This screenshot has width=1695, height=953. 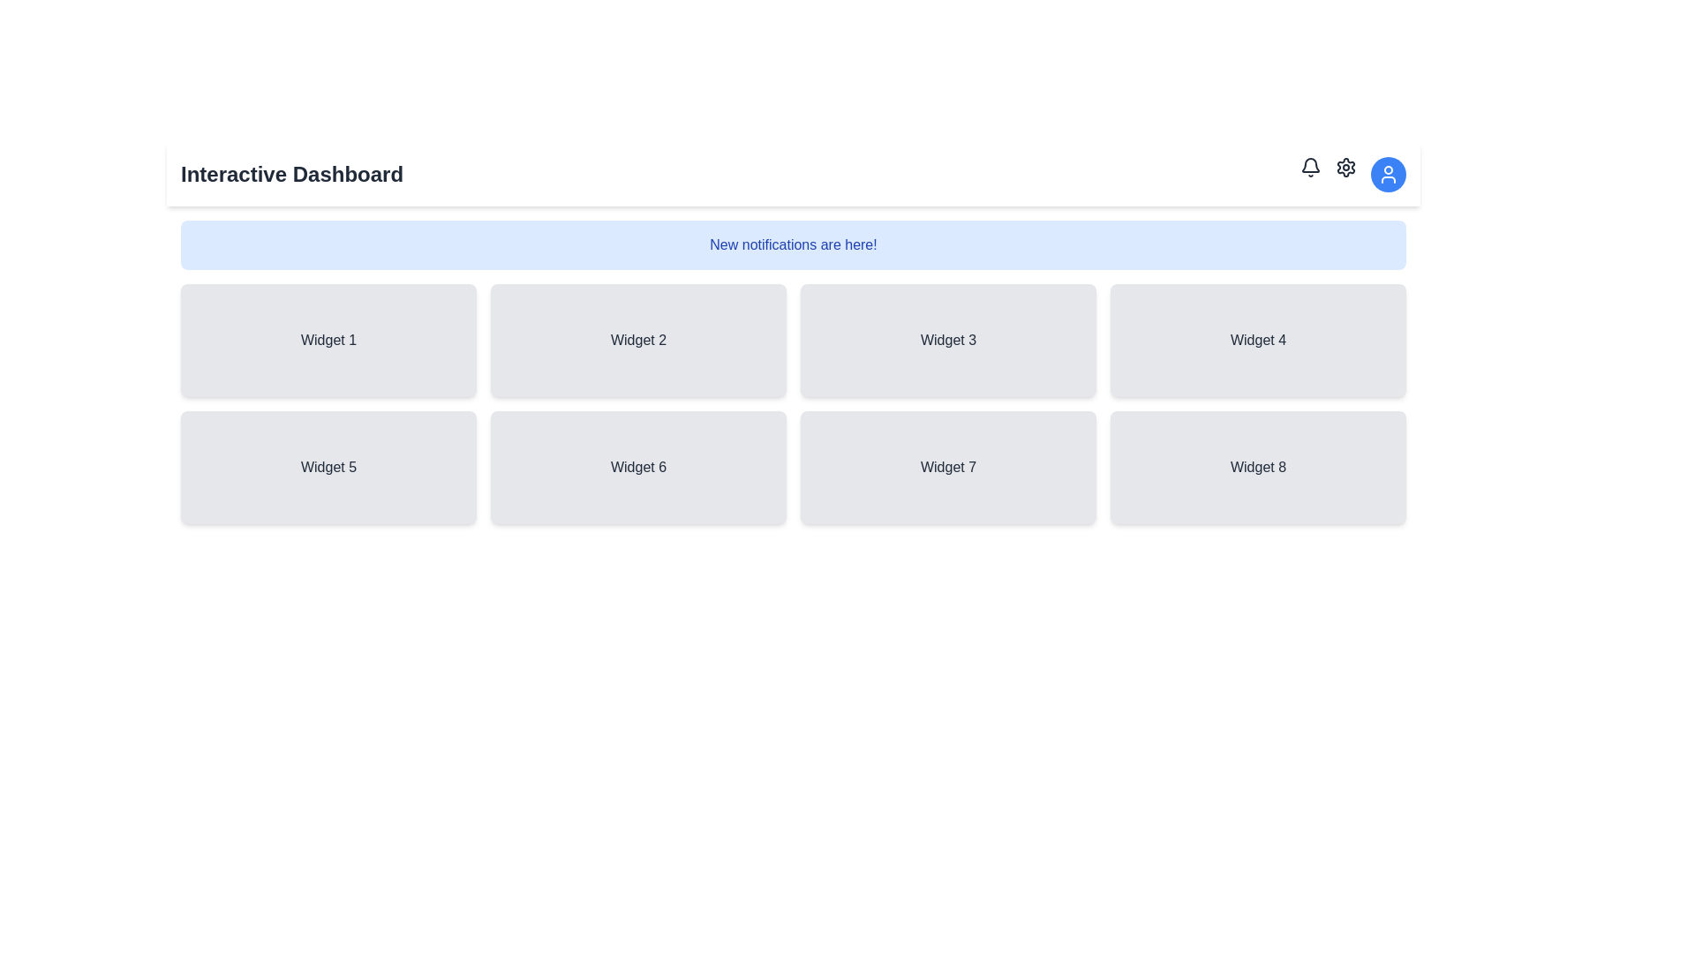 I want to click on the settings icon located in the navigation bar, so click(x=1345, y=167).